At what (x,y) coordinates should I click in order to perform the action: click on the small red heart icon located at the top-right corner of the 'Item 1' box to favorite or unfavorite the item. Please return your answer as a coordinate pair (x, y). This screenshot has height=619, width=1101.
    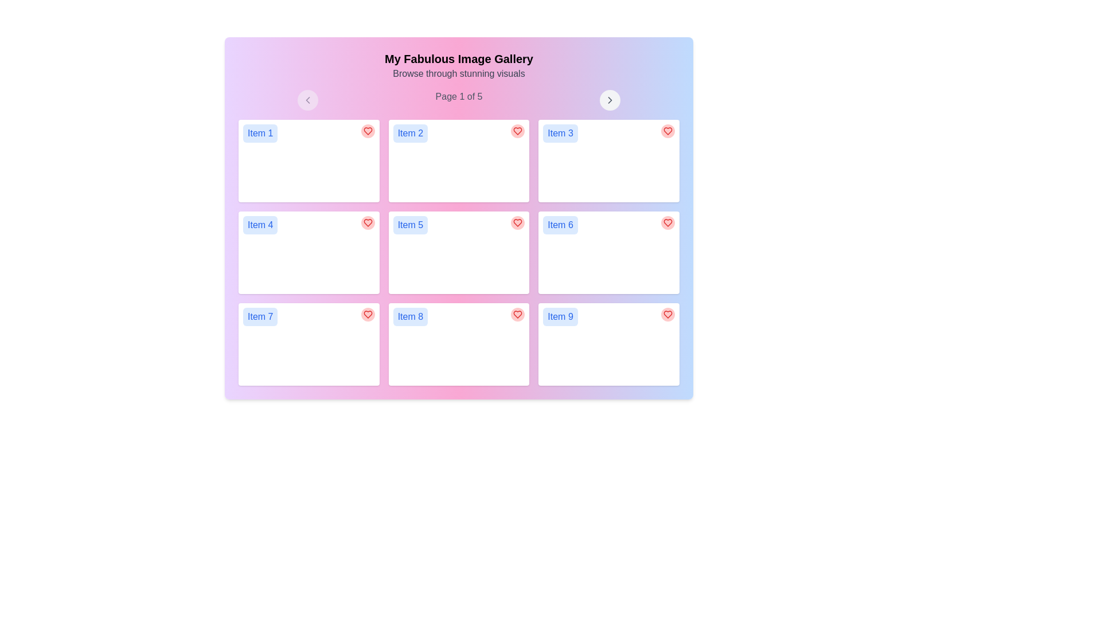
    Looking at the image, I should click on (368, 130).